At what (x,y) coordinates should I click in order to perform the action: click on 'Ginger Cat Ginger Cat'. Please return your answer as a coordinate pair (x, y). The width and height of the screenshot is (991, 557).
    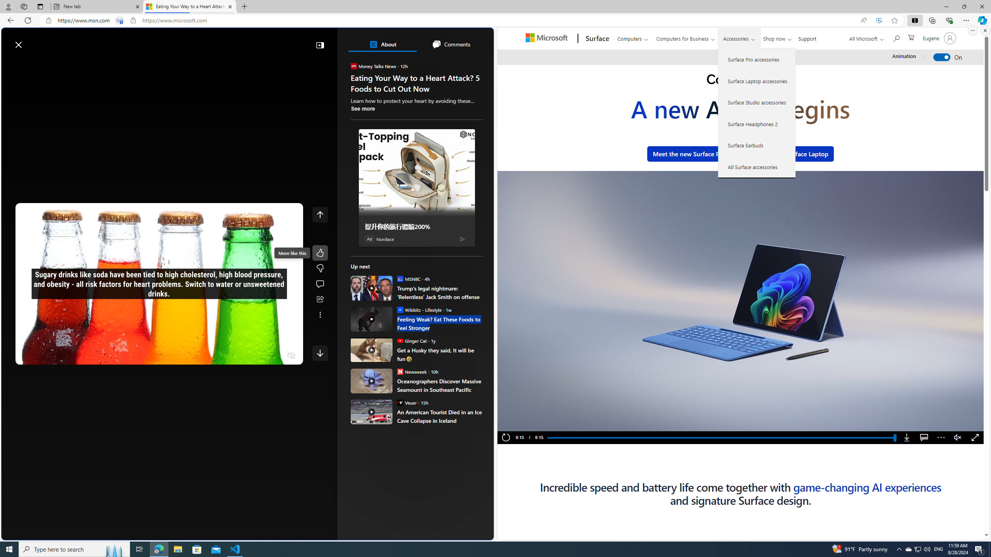
    Looking at the image, I should click on (411, 340).